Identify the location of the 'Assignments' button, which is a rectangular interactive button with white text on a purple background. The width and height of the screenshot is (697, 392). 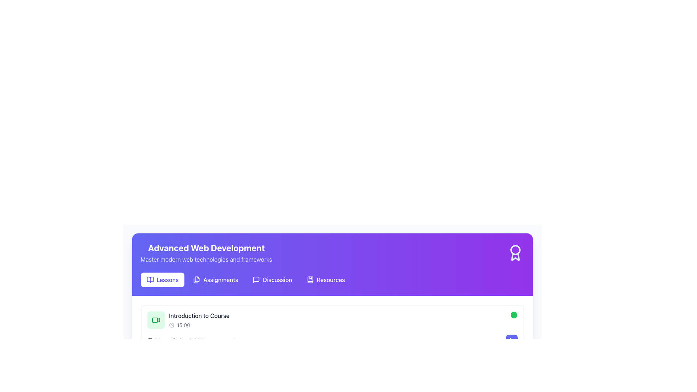
(220, 279).